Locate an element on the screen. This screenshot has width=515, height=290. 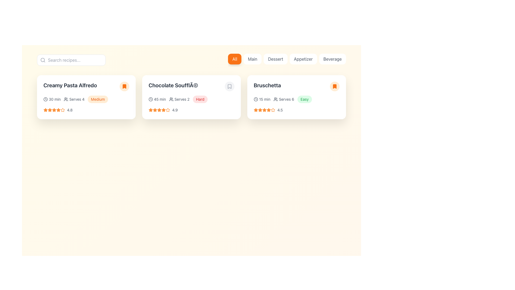
the 'Easy' label, which is displayed in bold green text within a light green rounded rectangular badge, located in the middle-right of the 'Bruschetta' recipe card is located at coordinates (304, 99).